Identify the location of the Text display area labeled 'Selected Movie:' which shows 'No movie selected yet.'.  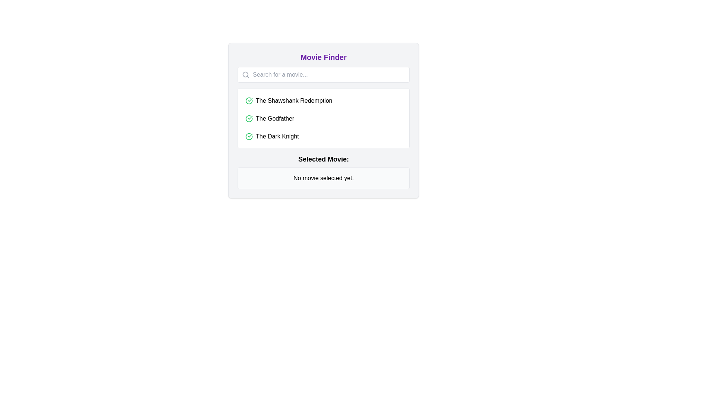
(323, 172).